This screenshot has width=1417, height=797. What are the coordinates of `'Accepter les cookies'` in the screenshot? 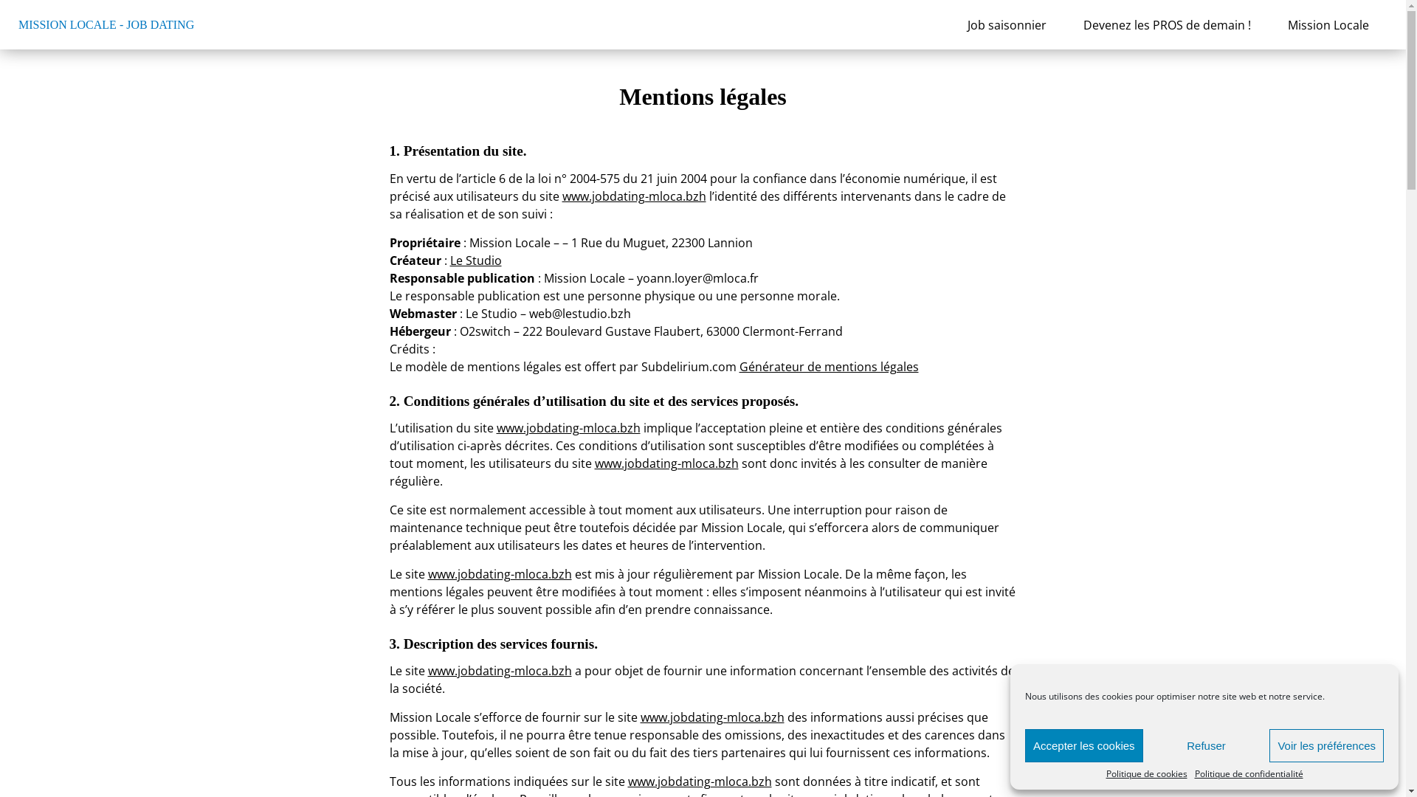 It's located at (1083, 745).